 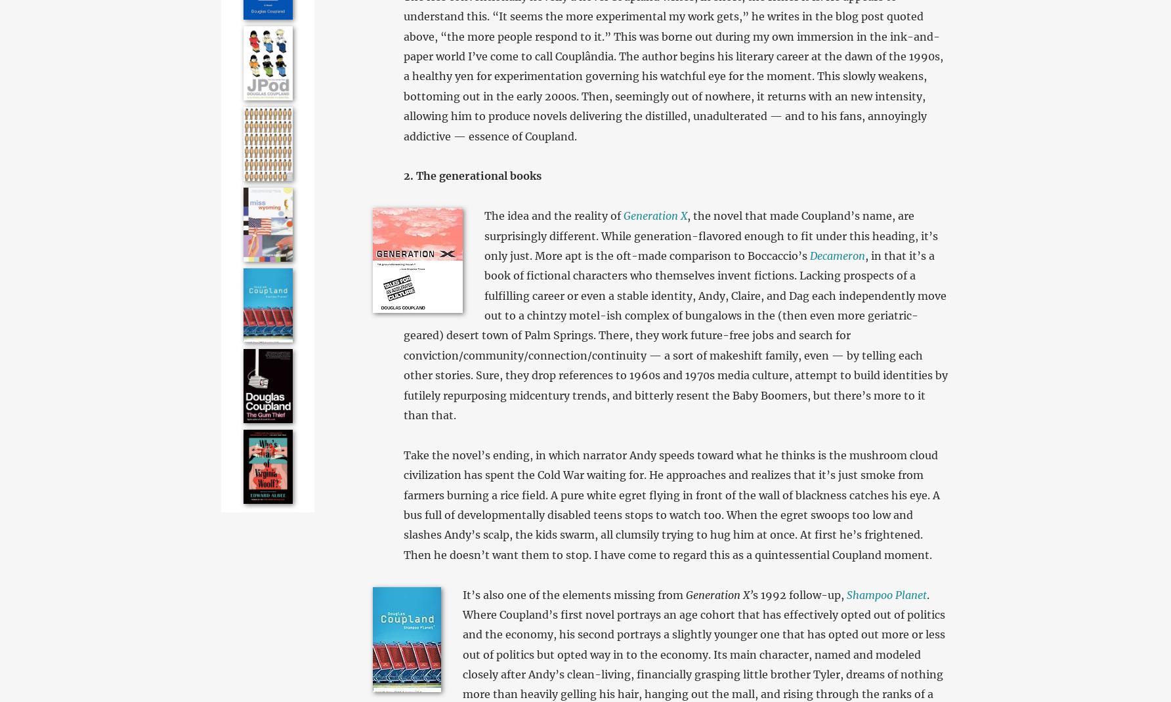 What do you see at coordinates (684, 593) in the screenshot?
I see `'Generation X’'` at bounding box center [684, 593].